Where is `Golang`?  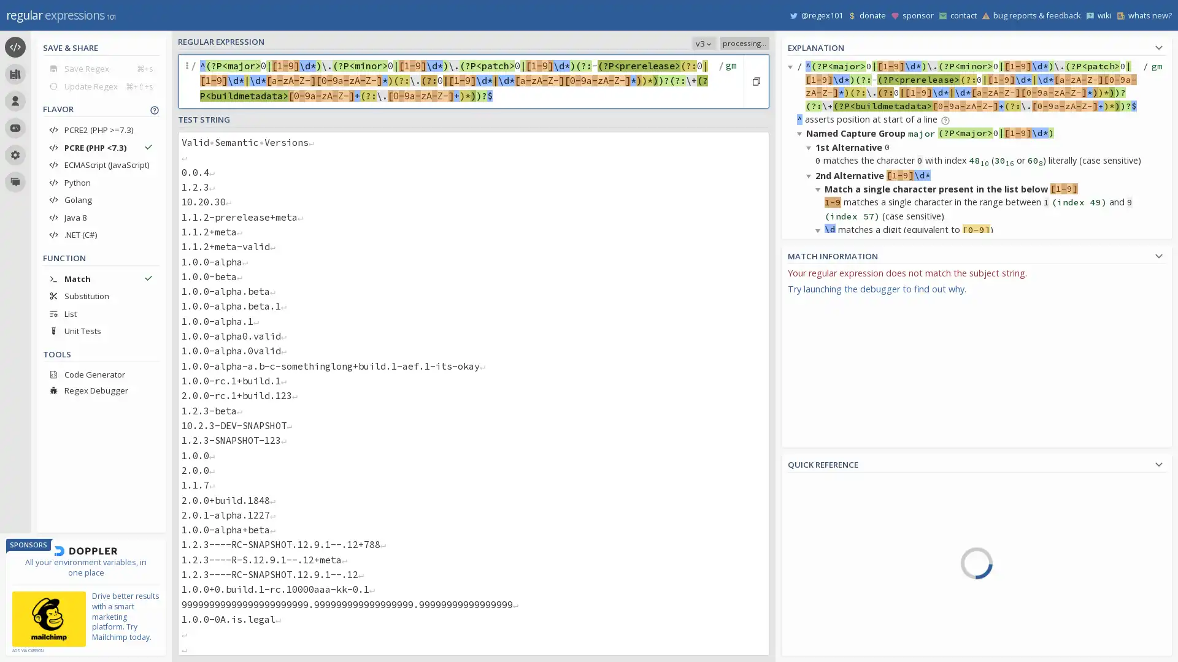 Golang is located at coordinates (101, 199).